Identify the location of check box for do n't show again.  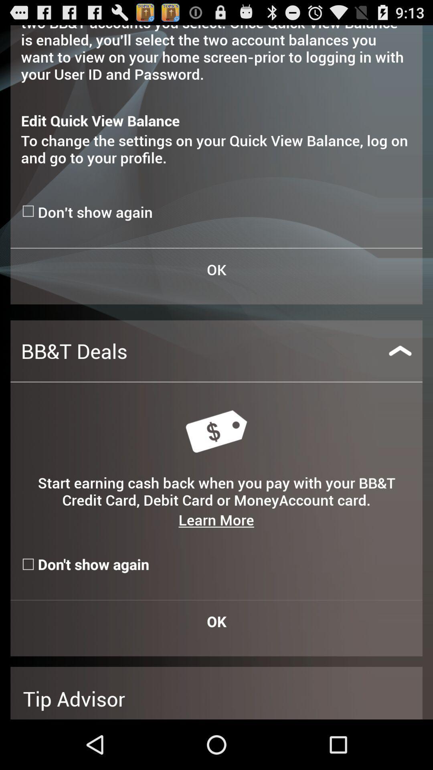
(29, 211).